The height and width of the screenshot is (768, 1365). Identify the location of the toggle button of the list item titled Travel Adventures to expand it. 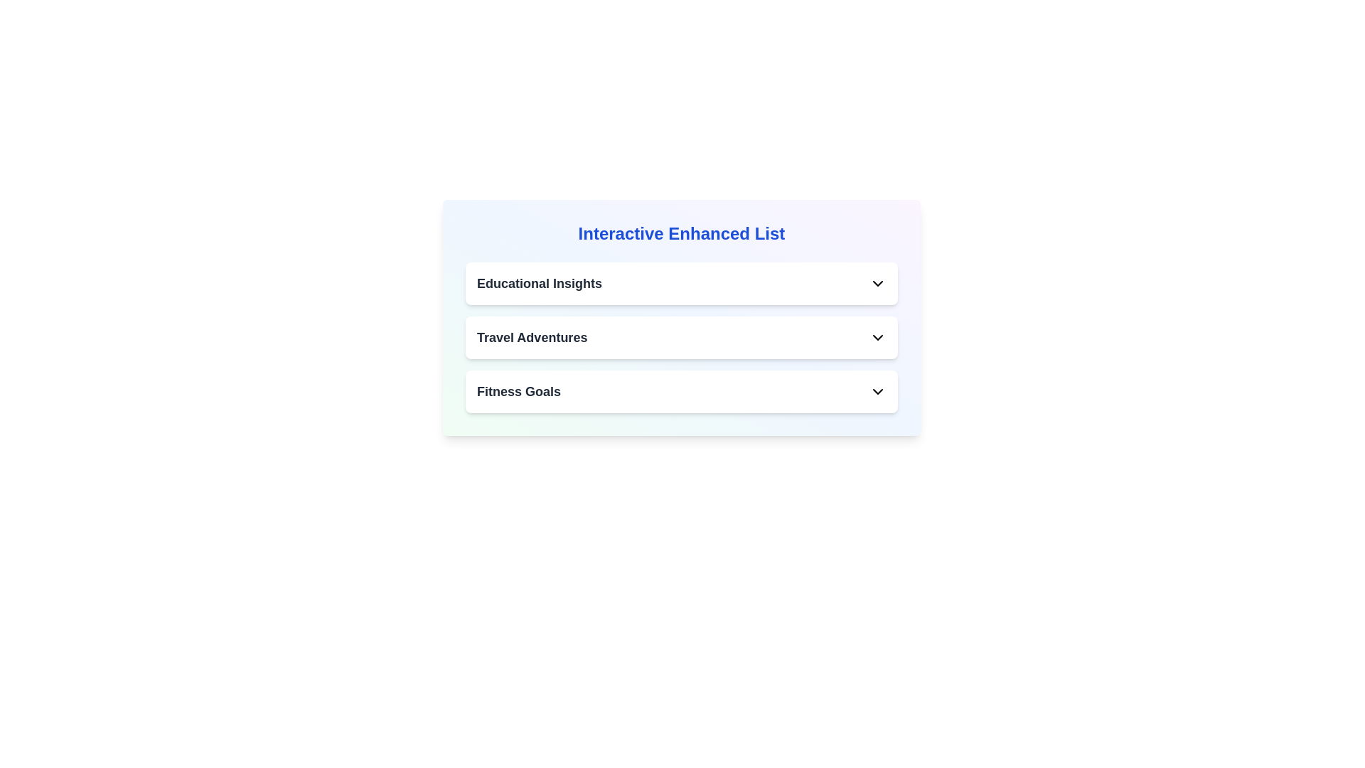
(877, 337).